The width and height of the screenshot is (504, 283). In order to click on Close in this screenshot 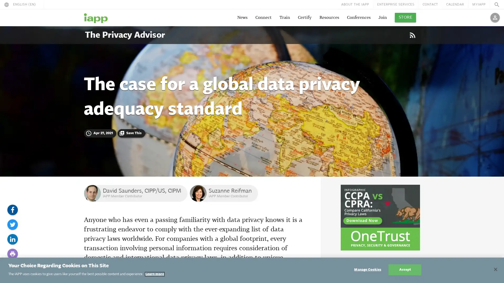, I will do `click(495, 269)`.